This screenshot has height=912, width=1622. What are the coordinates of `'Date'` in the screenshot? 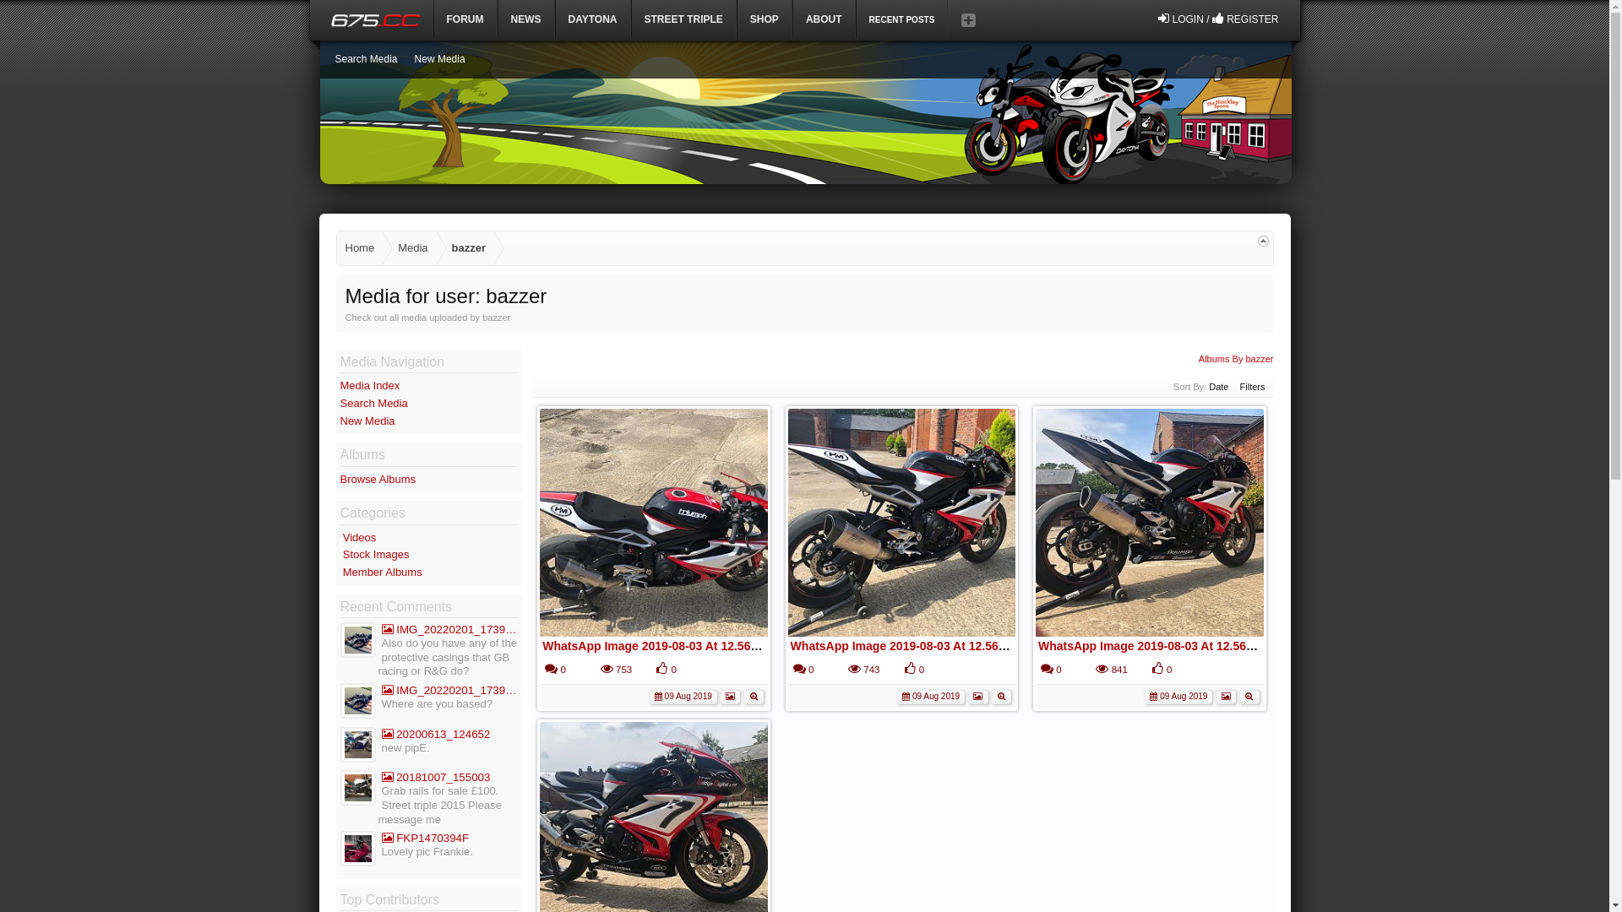 It's located at (1218, 387).